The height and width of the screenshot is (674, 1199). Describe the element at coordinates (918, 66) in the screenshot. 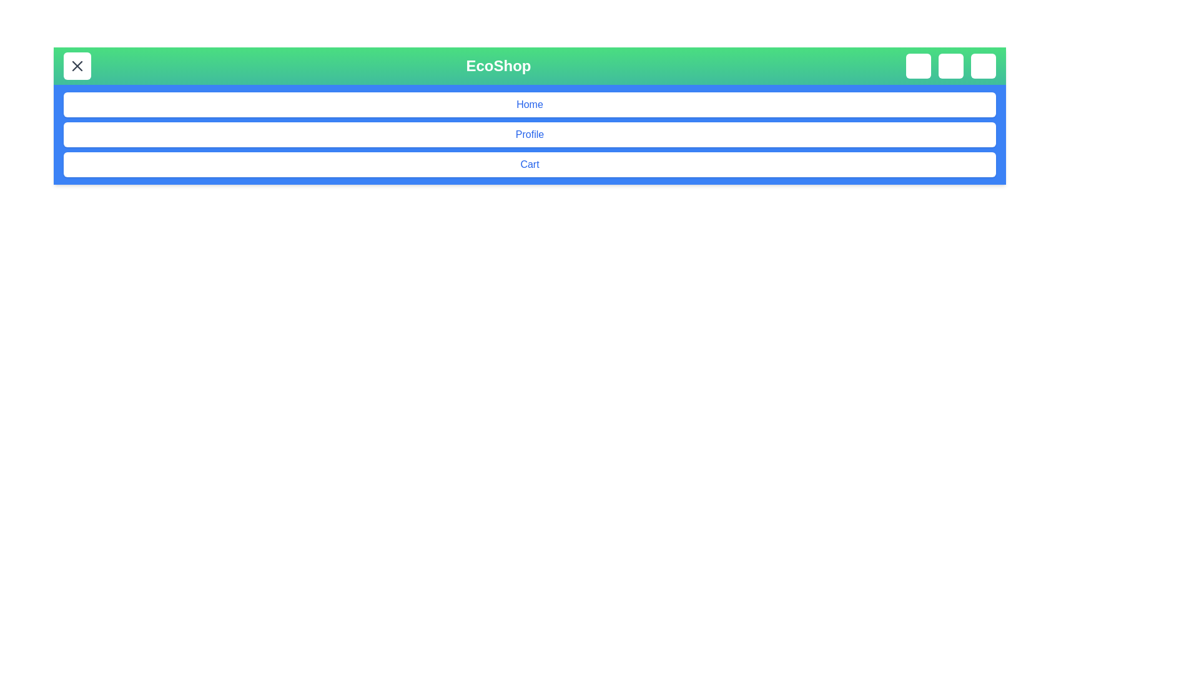

I see `the search icon button` at that location.